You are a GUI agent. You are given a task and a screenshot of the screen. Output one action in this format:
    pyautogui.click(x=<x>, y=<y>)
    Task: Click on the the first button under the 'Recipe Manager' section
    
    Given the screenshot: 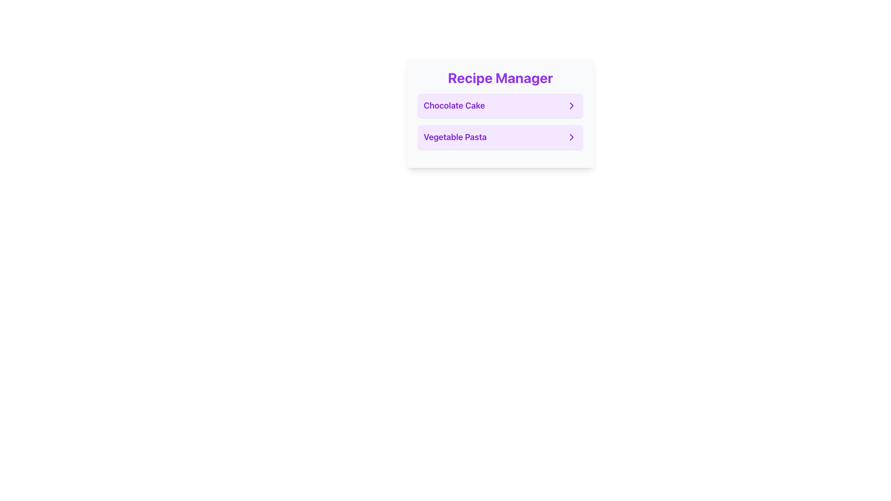 What is the action you would take?
    pyautogui.click(x=500, y=105)
    